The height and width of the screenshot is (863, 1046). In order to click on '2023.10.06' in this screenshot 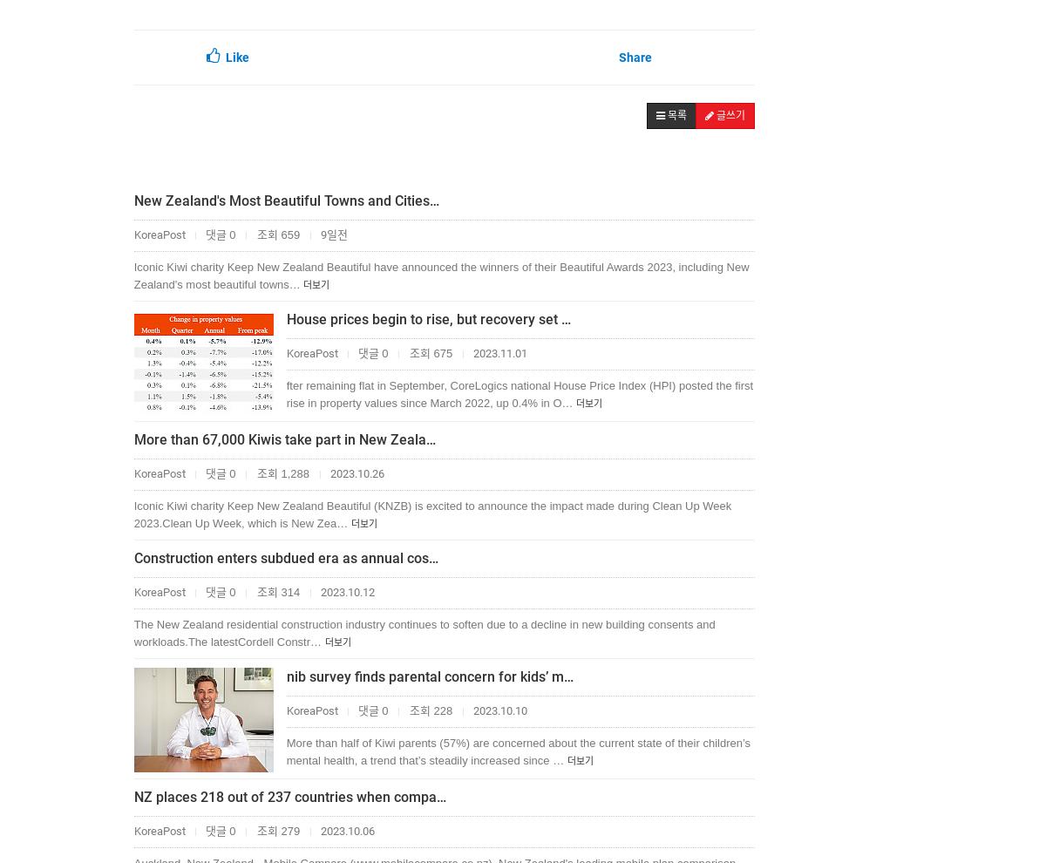, I will do `click(345, 831)`.